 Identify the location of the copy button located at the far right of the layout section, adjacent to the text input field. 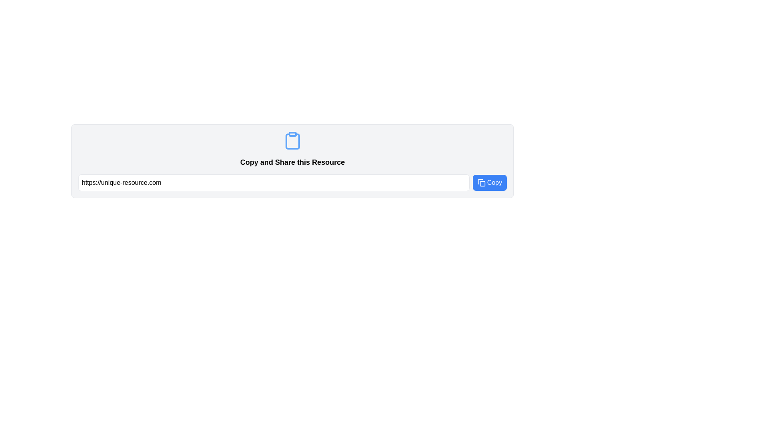
(489, 182).